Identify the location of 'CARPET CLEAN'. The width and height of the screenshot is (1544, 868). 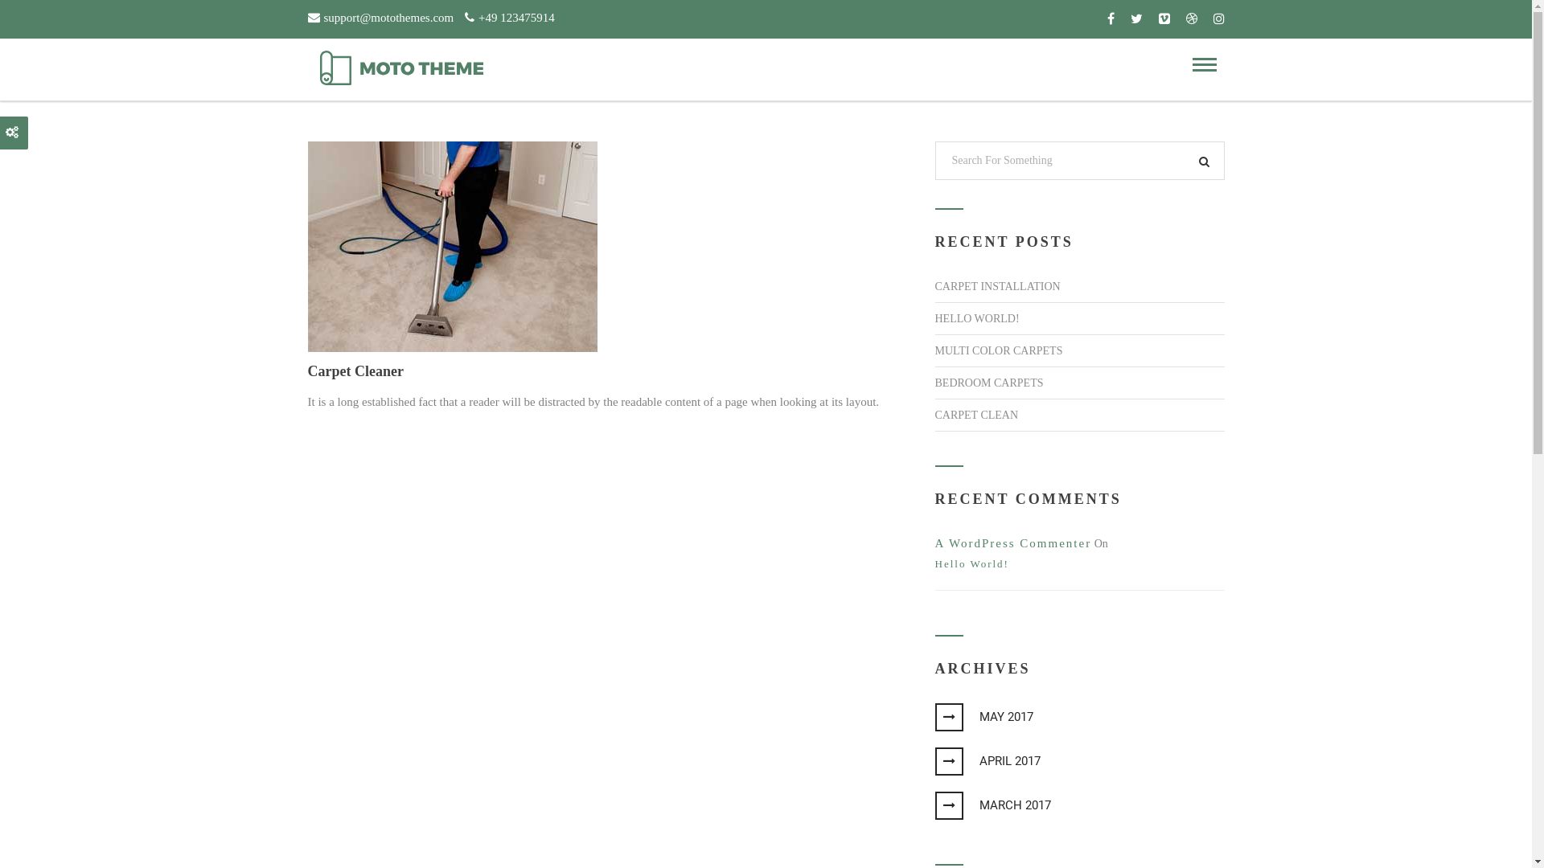
(975, 414).